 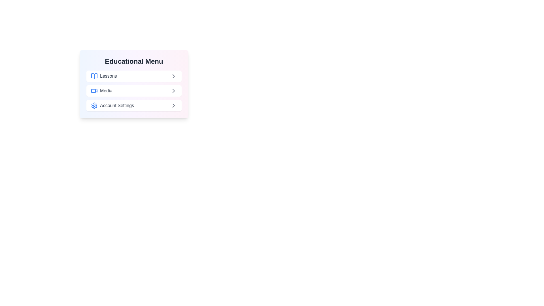 I want to click on the 'Lessons' icon in the 'Educational Menu', which is the first icon in a vertical list and is located to the left of the label 'Lessons', so click(x=94, y=76).